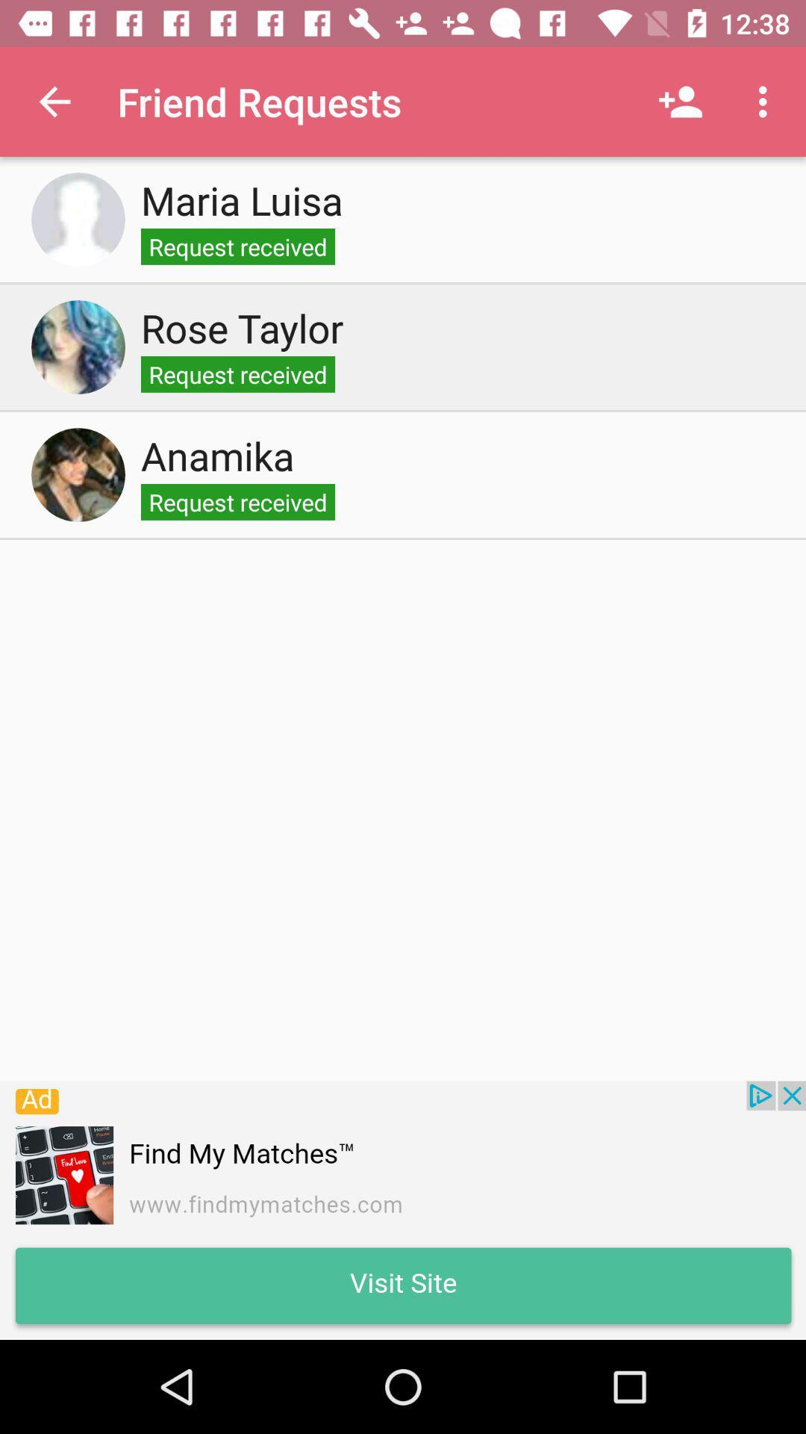  What do you see at coordinates (78, 474) in the screenshot?
I see `anamika` at bounding box center [78, 474].